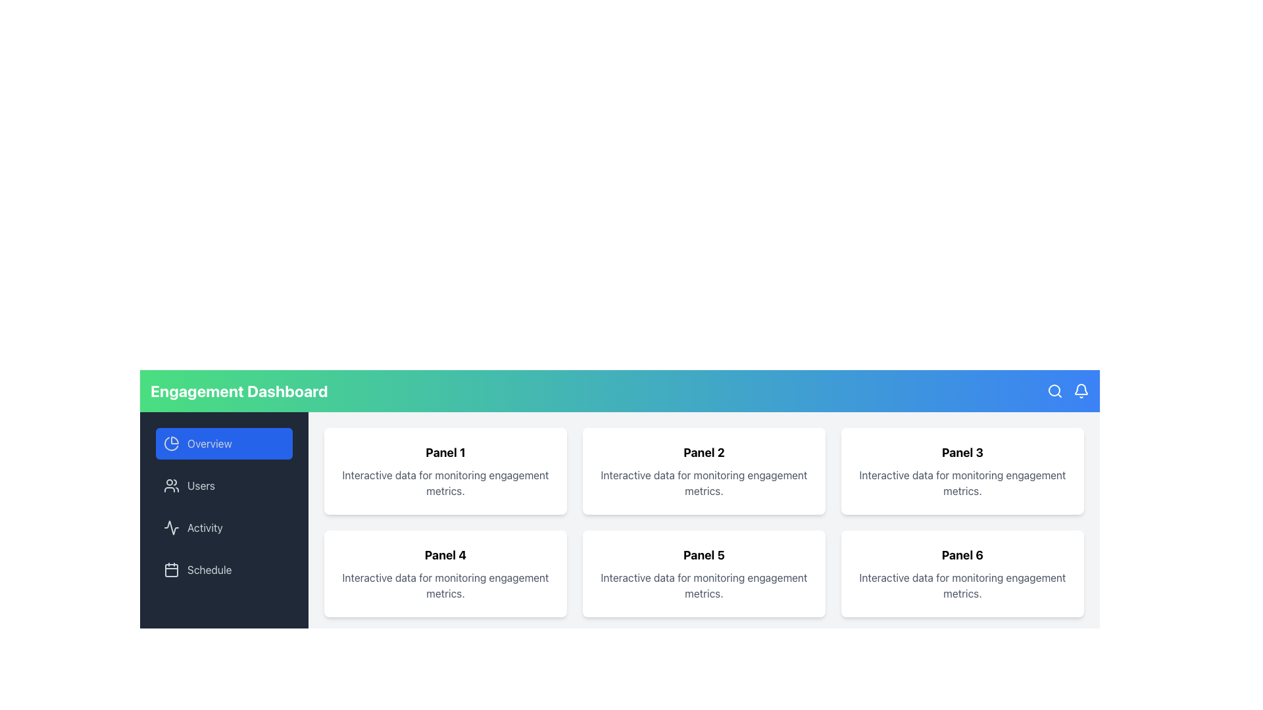 The image size is (1263, 710). I want to click on the informational panel located in the bottom-right corner of the grid layout, specifically the sixth panel which provides engagement metrics, so click(962, 573).